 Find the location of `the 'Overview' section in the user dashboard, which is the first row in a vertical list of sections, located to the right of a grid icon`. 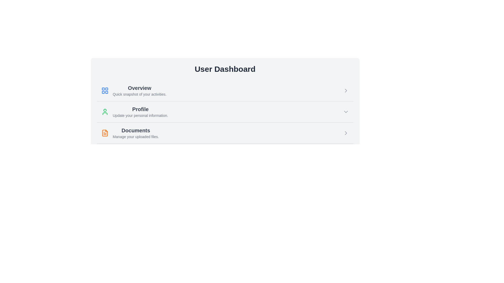

the 'Overview' section in the user dashboard, which is the first row in a vertical list of sections, located to the right of a grid icon is located at coordinates (139, 90).